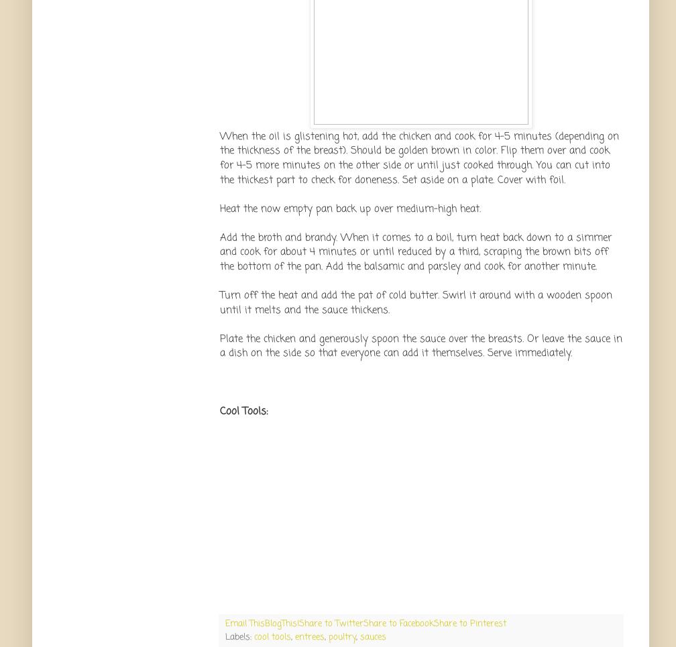 This screenshot has height=647, width=676. I want to click on 'Email This', so click(245, 623).